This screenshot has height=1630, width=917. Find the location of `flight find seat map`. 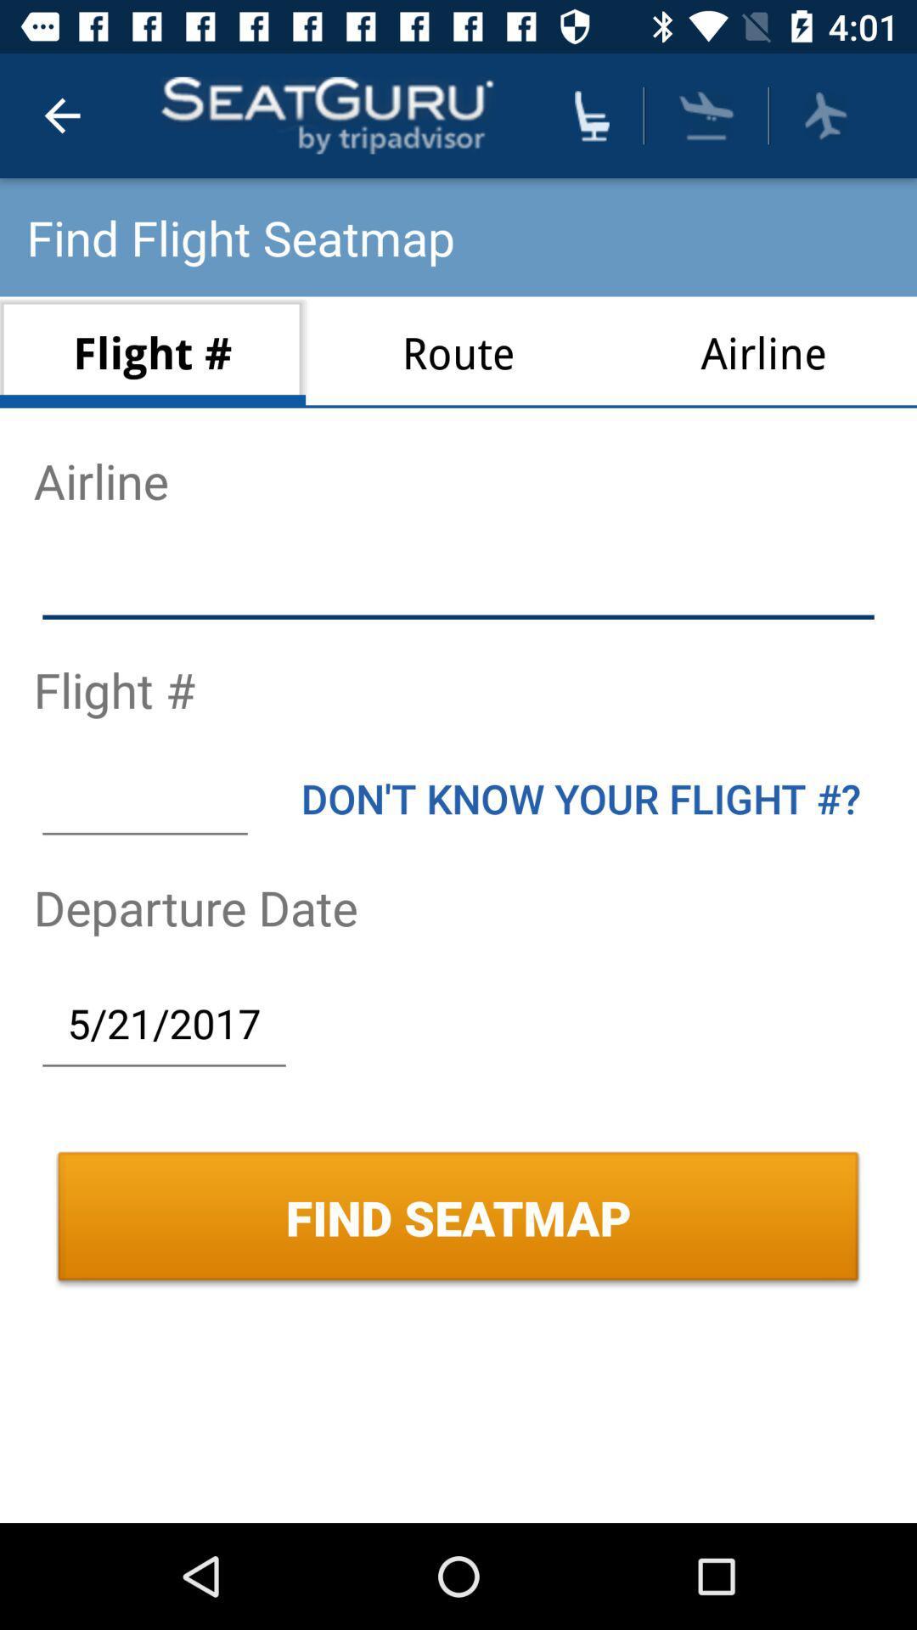

flight find seat map is located at coordinates (824, 115).